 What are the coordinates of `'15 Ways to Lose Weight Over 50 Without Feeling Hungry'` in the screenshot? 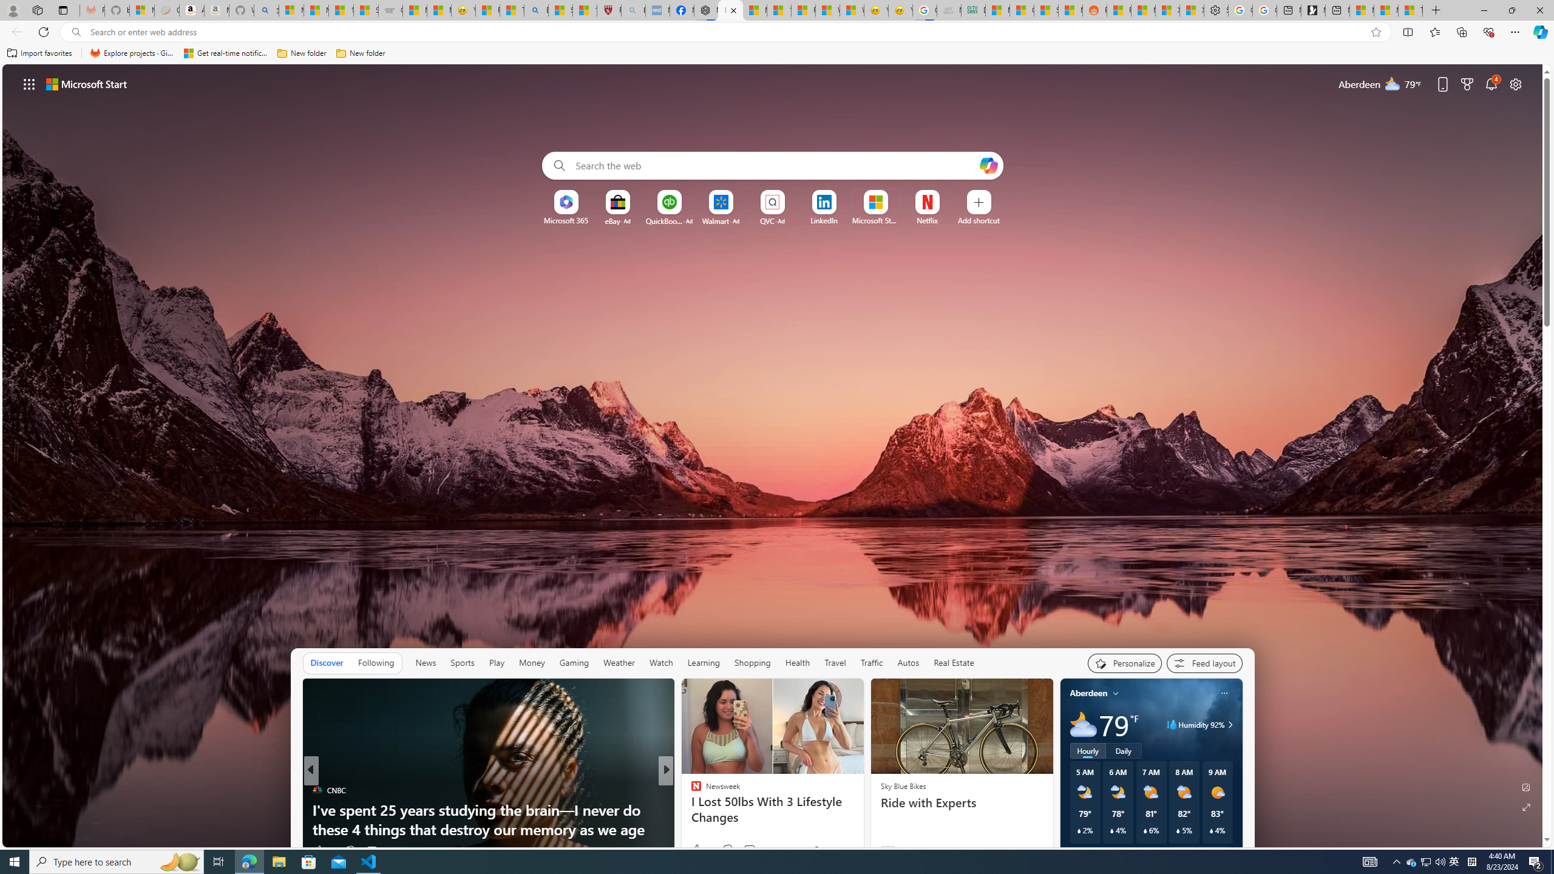 It's located at (861, 819).